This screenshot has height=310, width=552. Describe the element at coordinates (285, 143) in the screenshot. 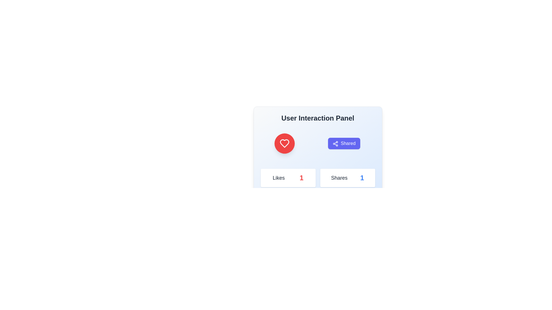

I see `the circular red button with a white heart icon to like` at that location.